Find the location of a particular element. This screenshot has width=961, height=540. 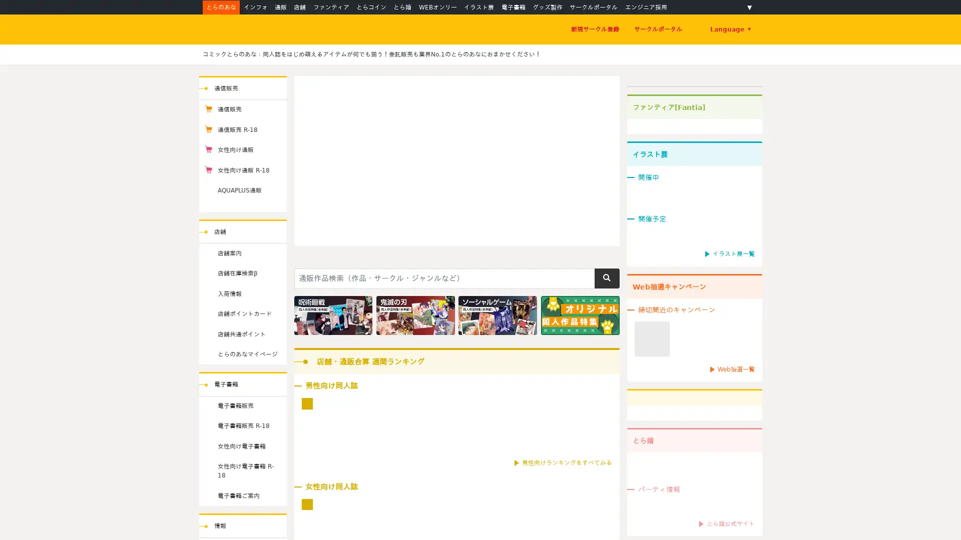

Next is located at coordinates (602, 156).